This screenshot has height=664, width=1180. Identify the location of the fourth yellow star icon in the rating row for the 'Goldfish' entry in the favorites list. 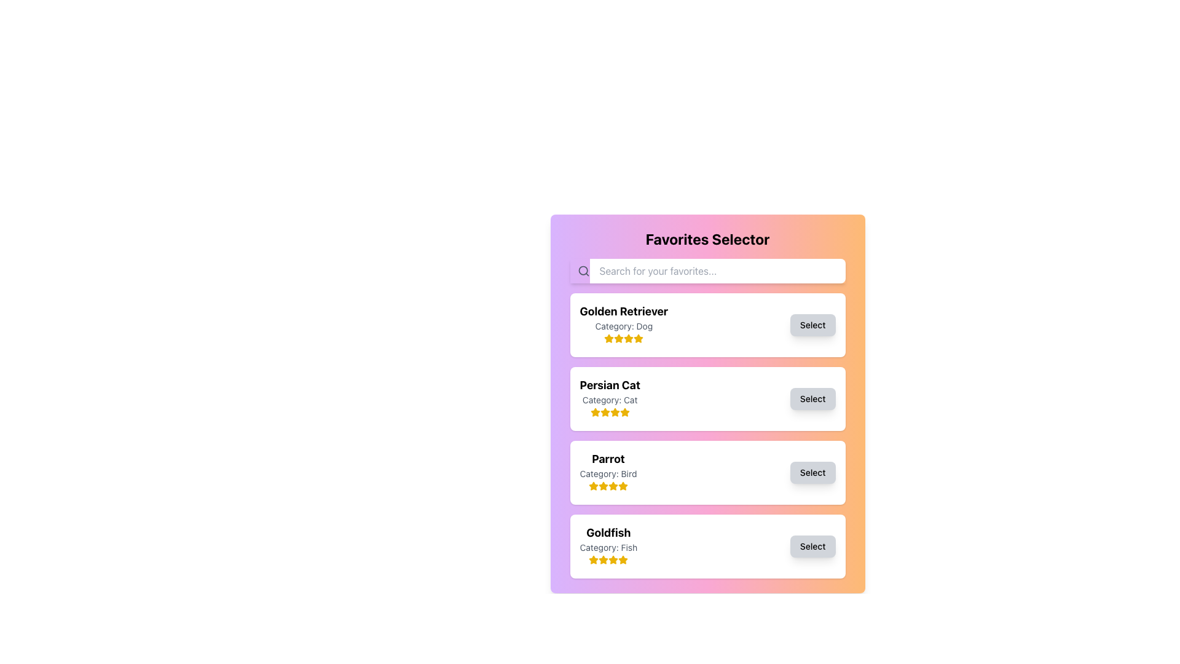
(623, 559).